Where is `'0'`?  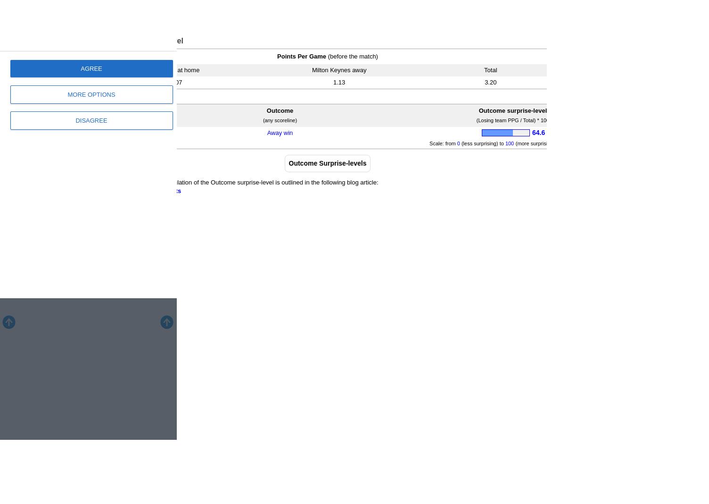 '0' is located at coordinates (458, 143).